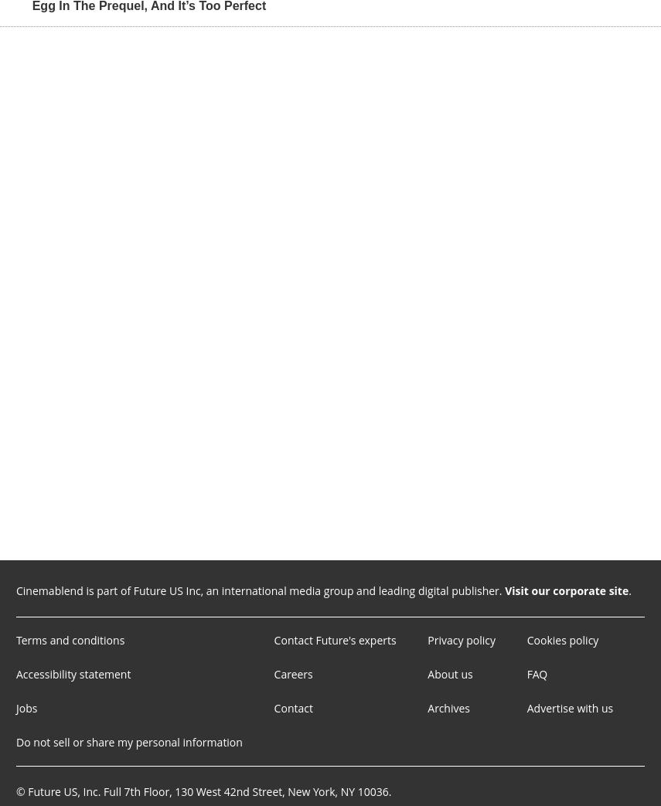 The image size is (661, 806). What do you see at coordinates (70, 639) in the screenshot?
I see `'Terms and conditions'` at bounding box center [70, 639].